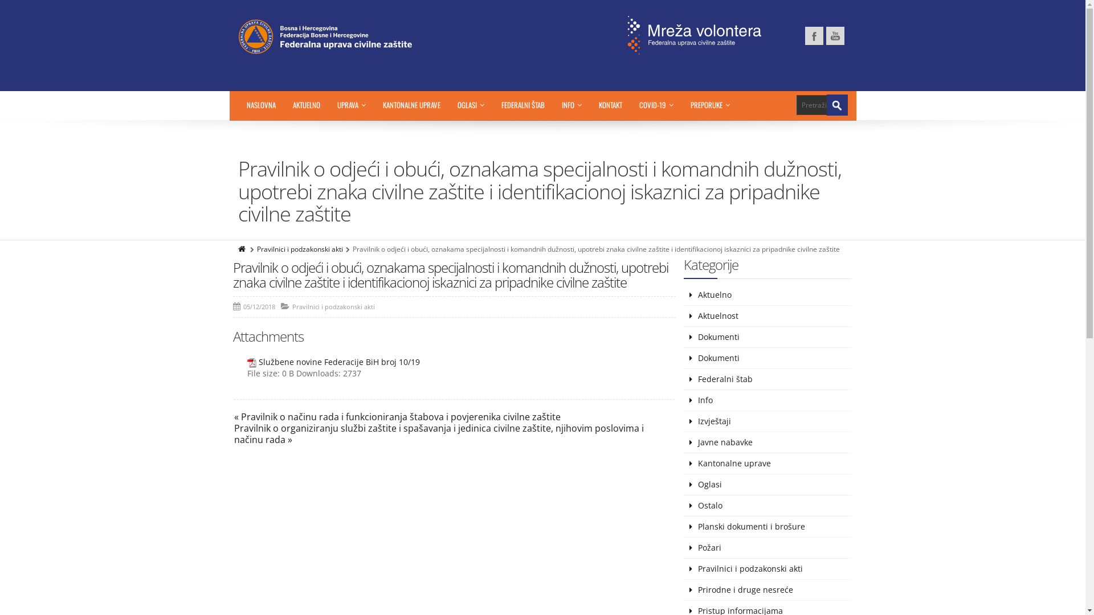 The height and width of the screenshot is (615, 1094). I want to click on 'AKTUELNO', so click(306, 105).